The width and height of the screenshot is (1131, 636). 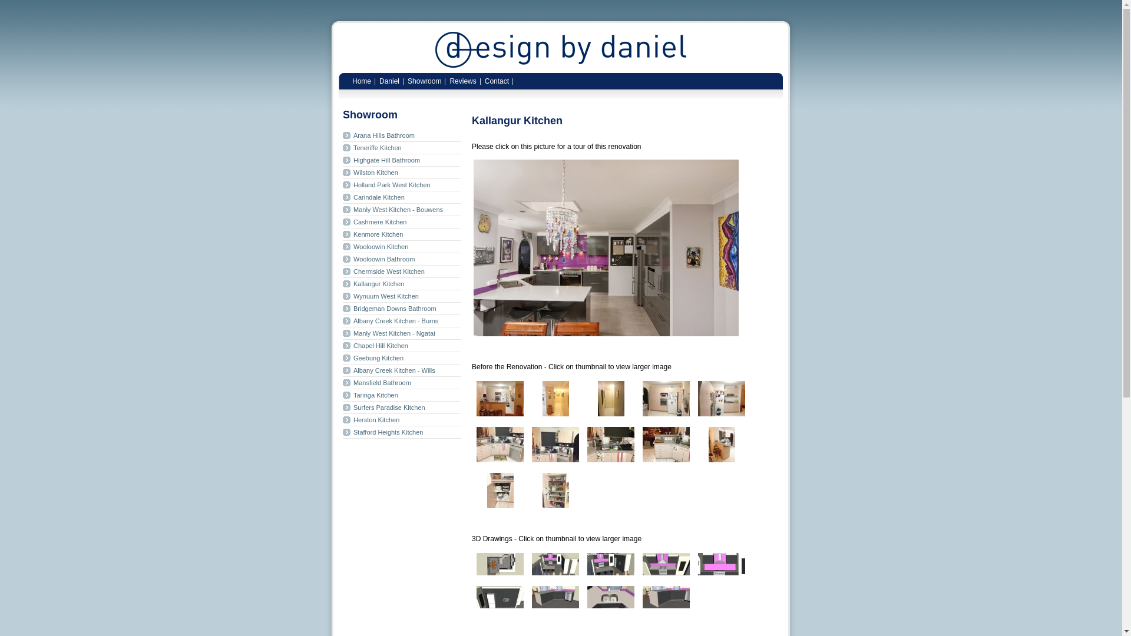 What do you see at coordinates (401, 147) in the screenshot?
I see `'Teneriffe Kitchen'` at bounding box center [401, 147].